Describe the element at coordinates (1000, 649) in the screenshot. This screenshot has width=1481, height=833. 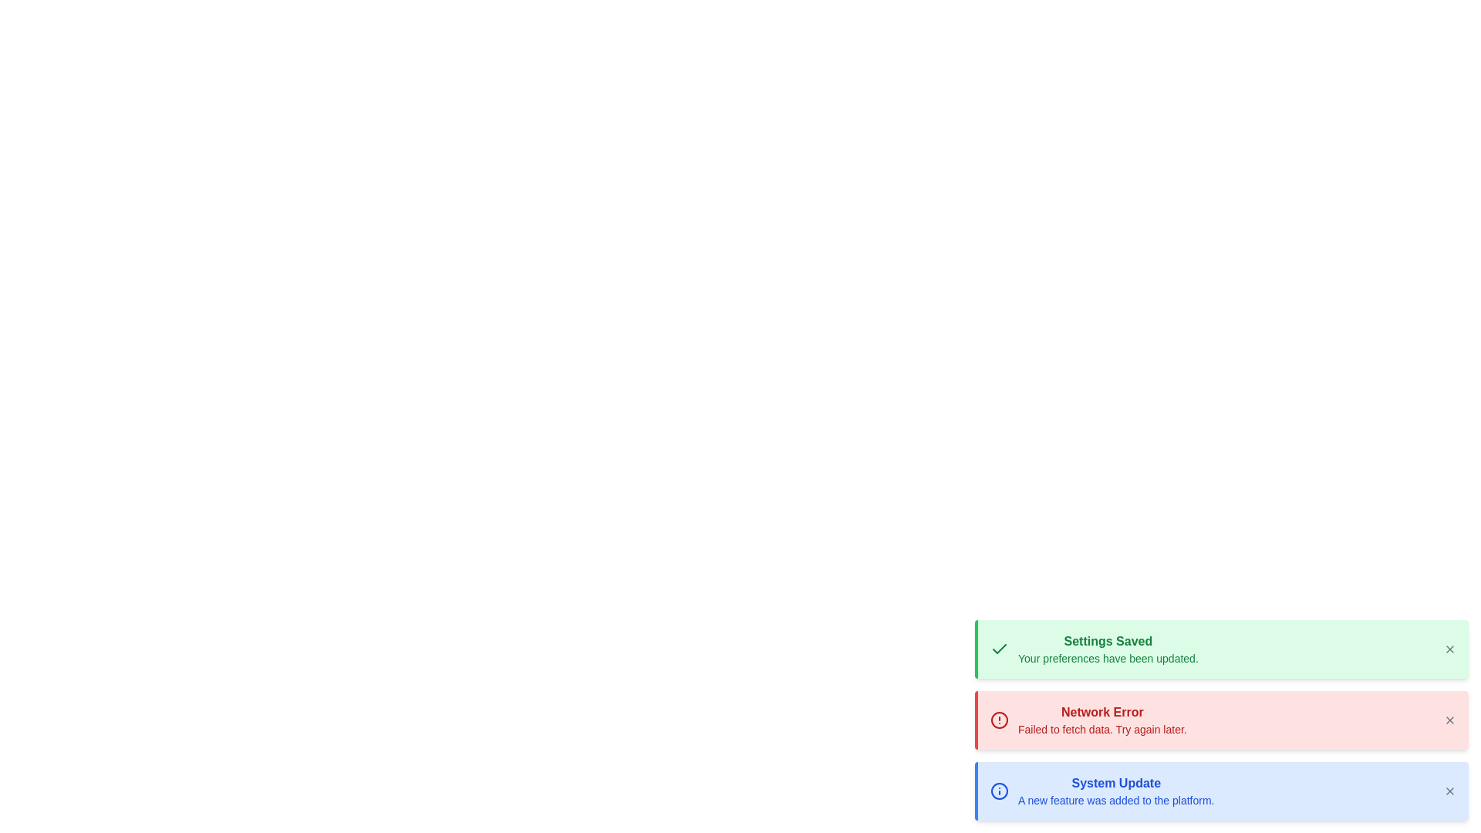
I see `the success icon located at the leftmost side of the notification bar` at that location.